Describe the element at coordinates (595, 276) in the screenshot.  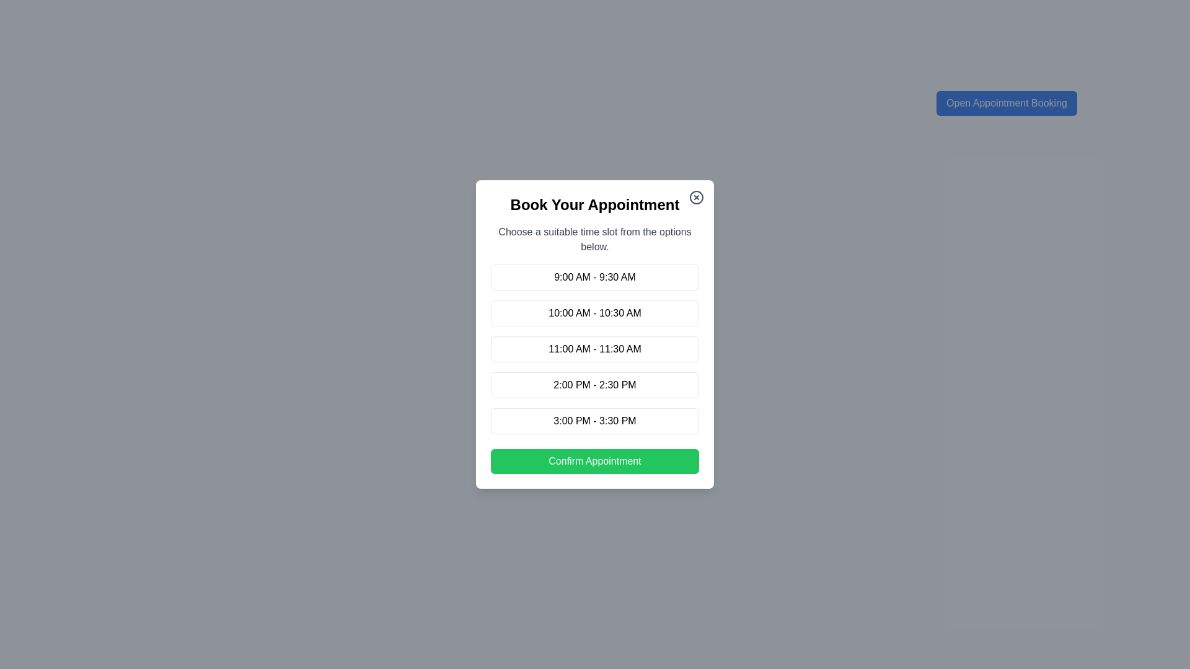
I see `on the first time slot option for booking an appointment in the vertical list of time slots presented in the centered modal window` at that location.